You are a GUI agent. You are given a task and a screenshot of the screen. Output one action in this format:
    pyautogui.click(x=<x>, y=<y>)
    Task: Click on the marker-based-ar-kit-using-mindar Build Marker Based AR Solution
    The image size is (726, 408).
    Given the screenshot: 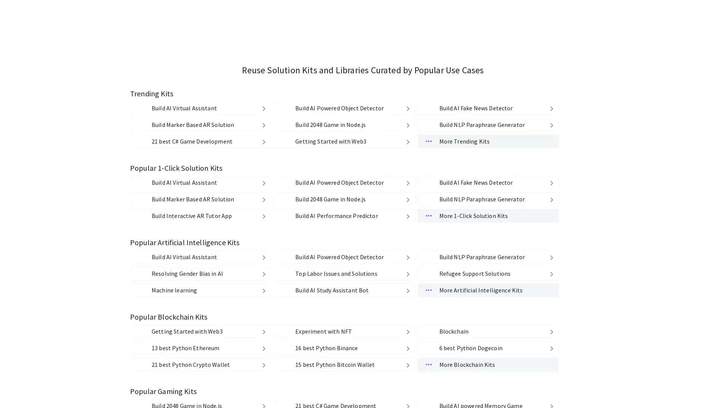 What is the action you would take?
    pyautogui.click(x=200, y=314)
    